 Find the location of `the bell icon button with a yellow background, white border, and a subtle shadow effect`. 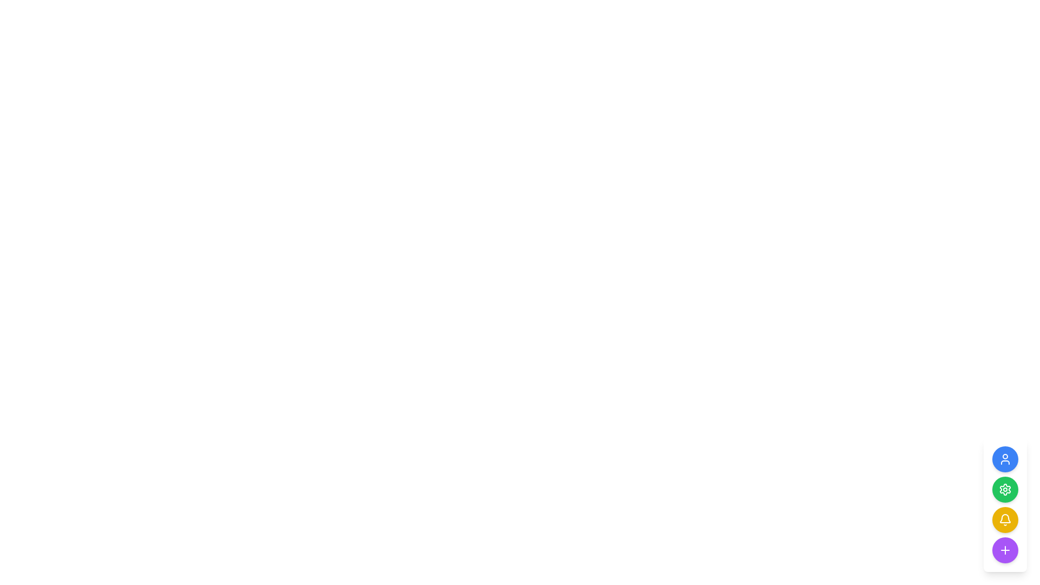

the bell icon button with a yellow background, white border, and a subtle shadow effect is located at coordinates (1005, 519).